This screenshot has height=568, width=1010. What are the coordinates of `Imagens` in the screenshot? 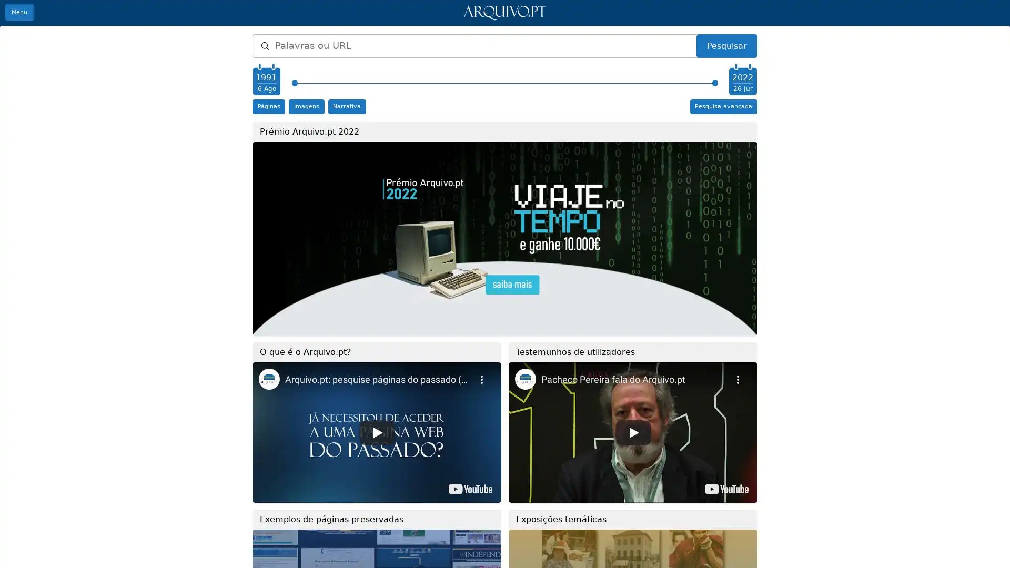 It's located at (306, 106).